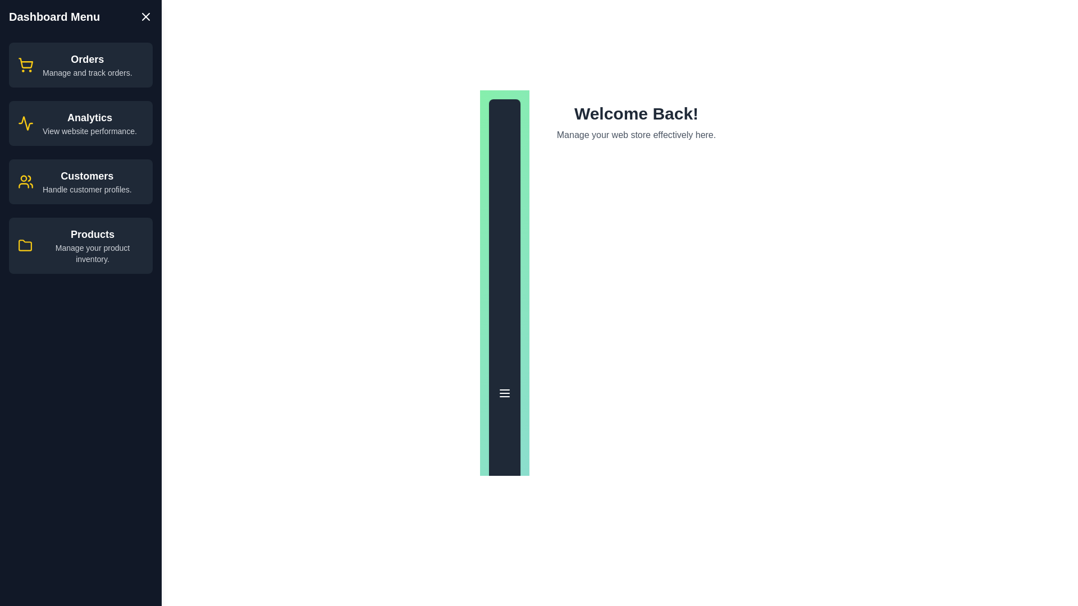 This screenshot has height=606, width=1078. What do you see at coordinates (80, 123) in the screenshot?
I see `the menu item labeled 'Analytics' to view its hover effect` at bounding box center [80, 123].